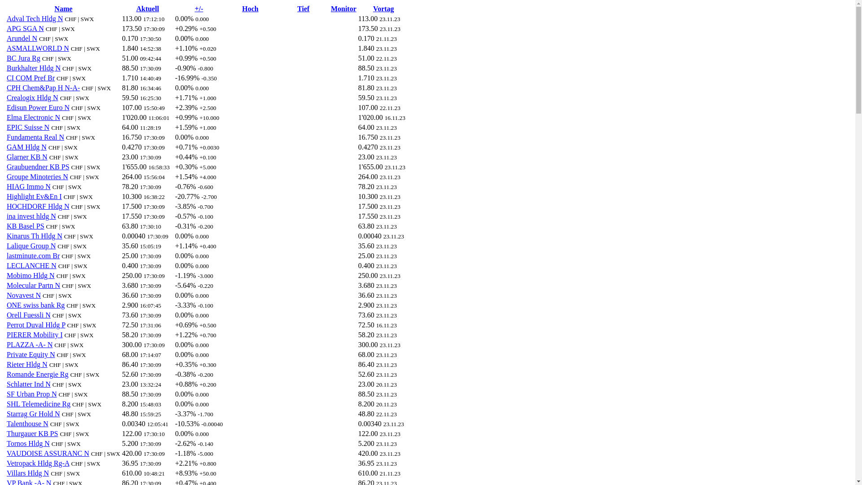 Image resolution: width=862 pixels, height=485 pixels. Describe the element at coordinates (38, 463) in the screenshot. I see `'Vetropack Hldg Rg-A'` at that location.